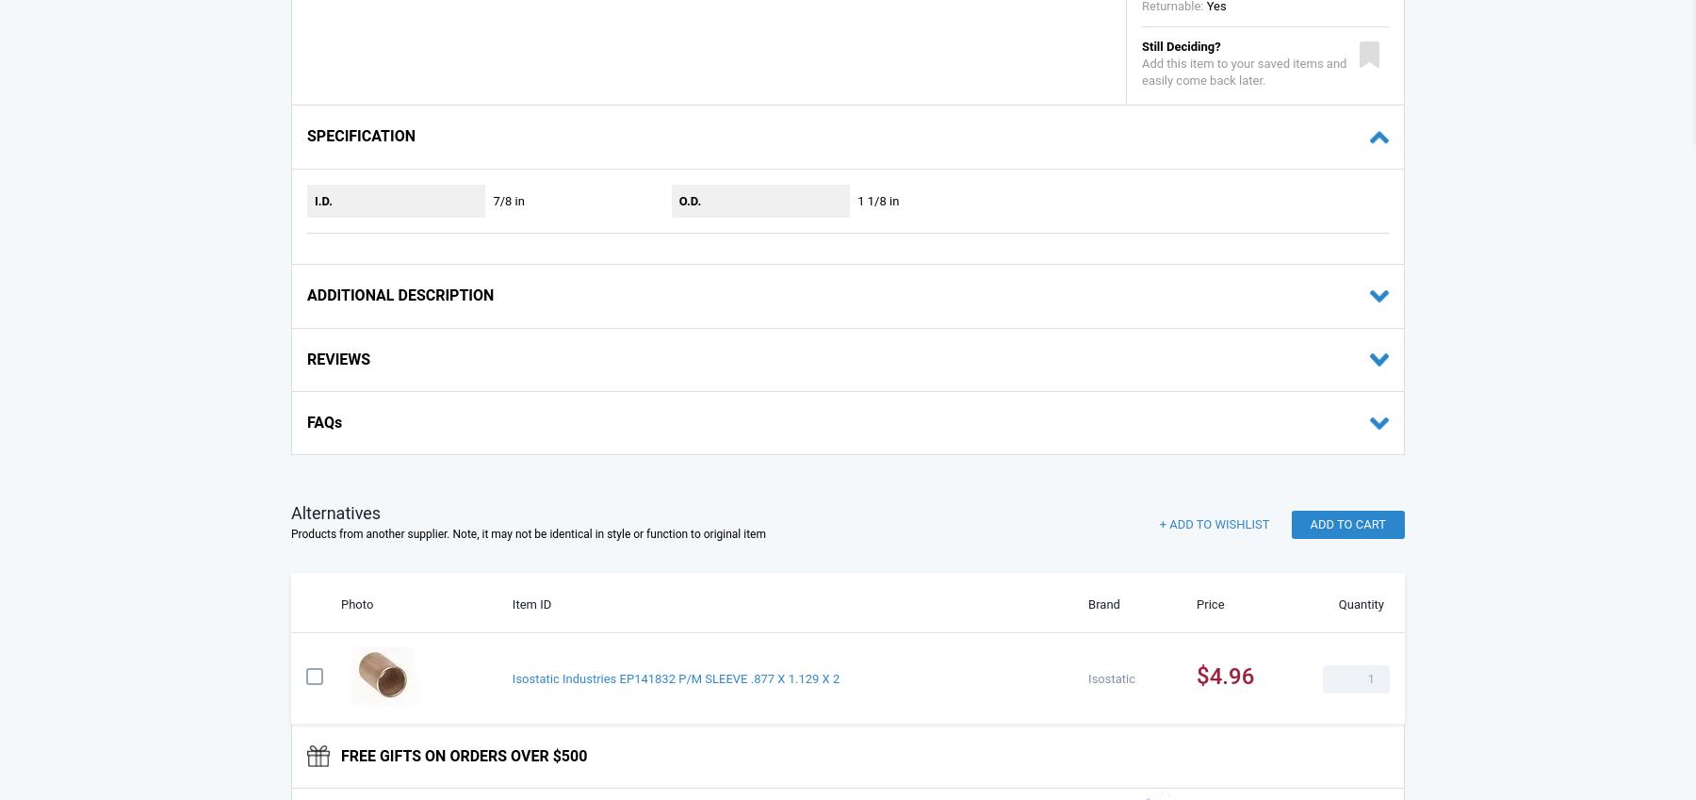 The width and height of the screenshot is (1696, 800). Describe the element at coordinates (511, 603) in the screenshot. I see `'Item ID'` at that location.